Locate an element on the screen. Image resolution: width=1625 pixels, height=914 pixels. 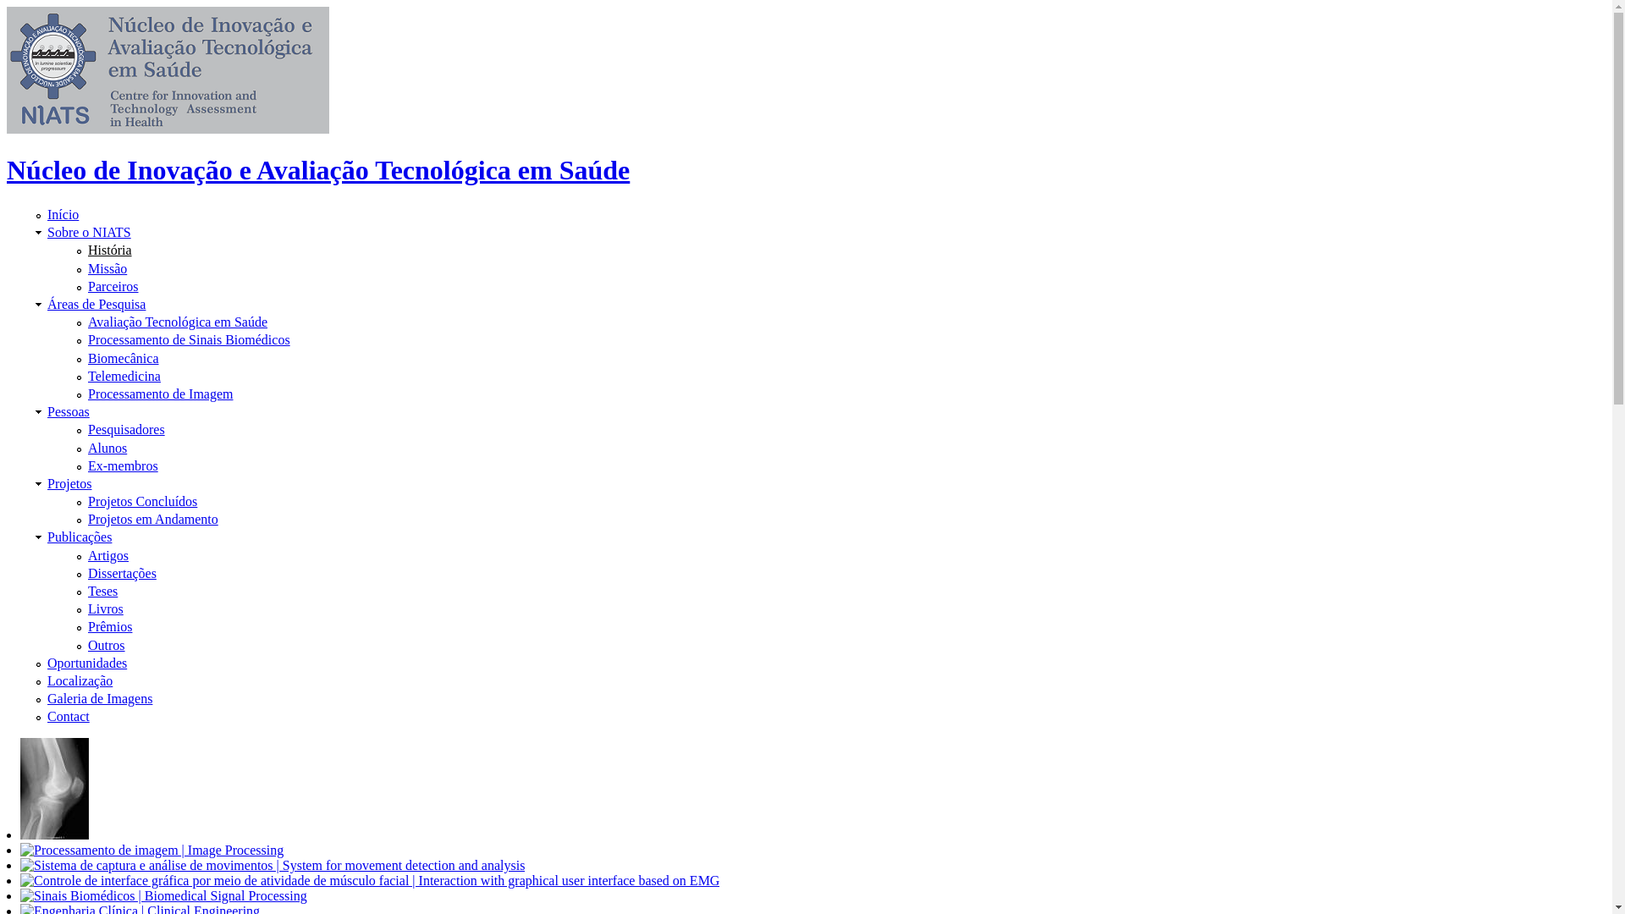
'Processamento de imagem | Image Processing' is located at coordinates (54, 789).